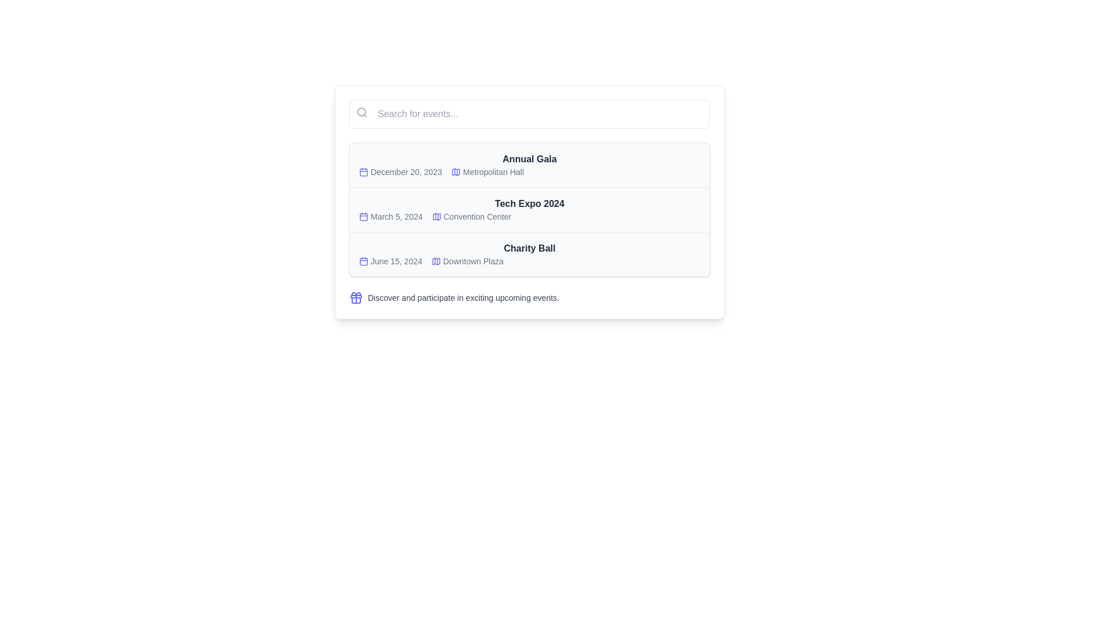 This screenshot has width=1114, height=626. Describe the element at coordinates (467, 261) in the screenshot. I see `the map icon next to the text label 'Downtown Plaza' for additional information` at that location.